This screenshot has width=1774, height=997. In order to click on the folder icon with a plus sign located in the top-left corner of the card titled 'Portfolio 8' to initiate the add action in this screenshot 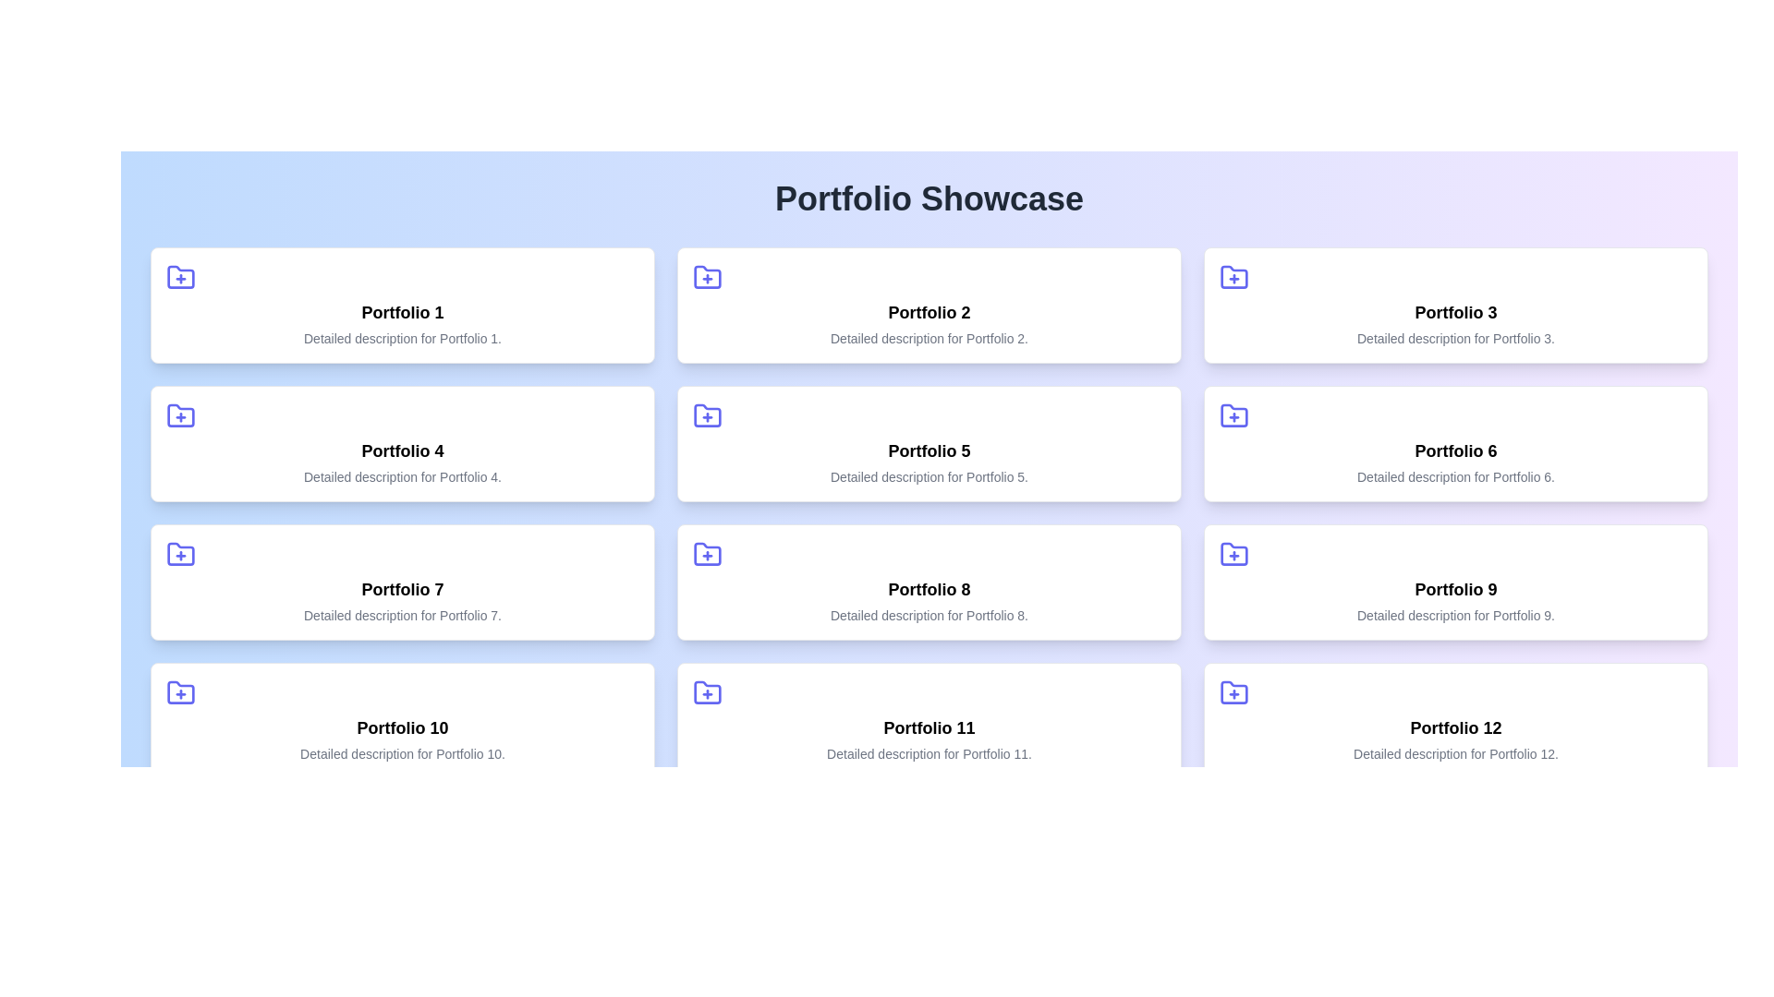, I will do `click(707, 554)`.